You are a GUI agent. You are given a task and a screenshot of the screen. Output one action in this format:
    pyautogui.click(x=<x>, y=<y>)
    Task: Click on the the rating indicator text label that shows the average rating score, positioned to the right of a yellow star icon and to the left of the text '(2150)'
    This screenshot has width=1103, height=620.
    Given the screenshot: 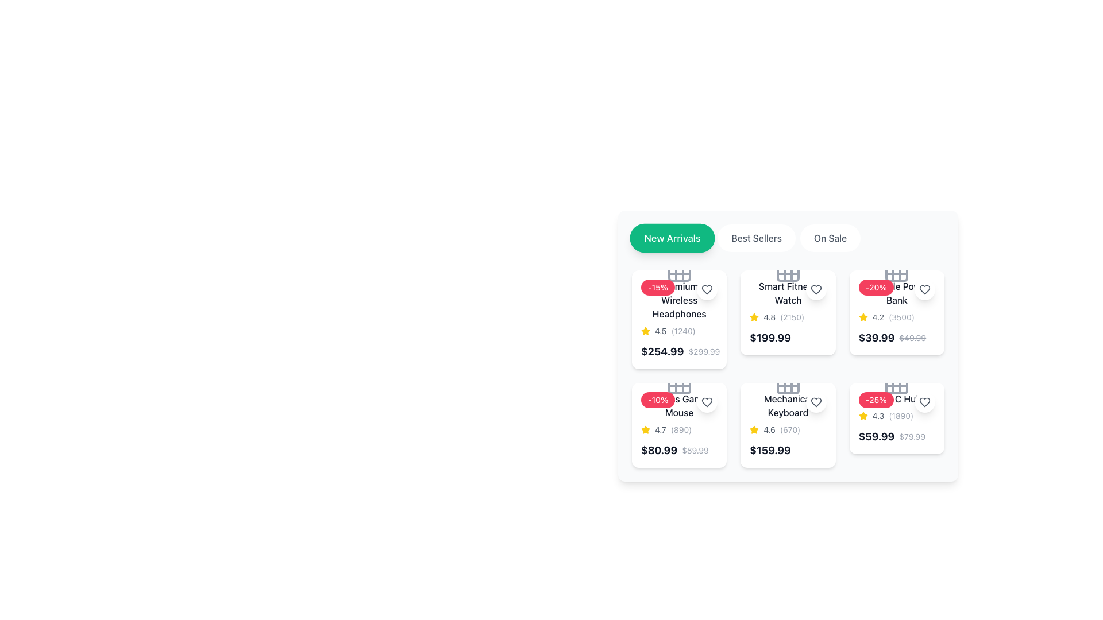 What is the action you would take?
    pyautogui.click(x=769, y=317)
    